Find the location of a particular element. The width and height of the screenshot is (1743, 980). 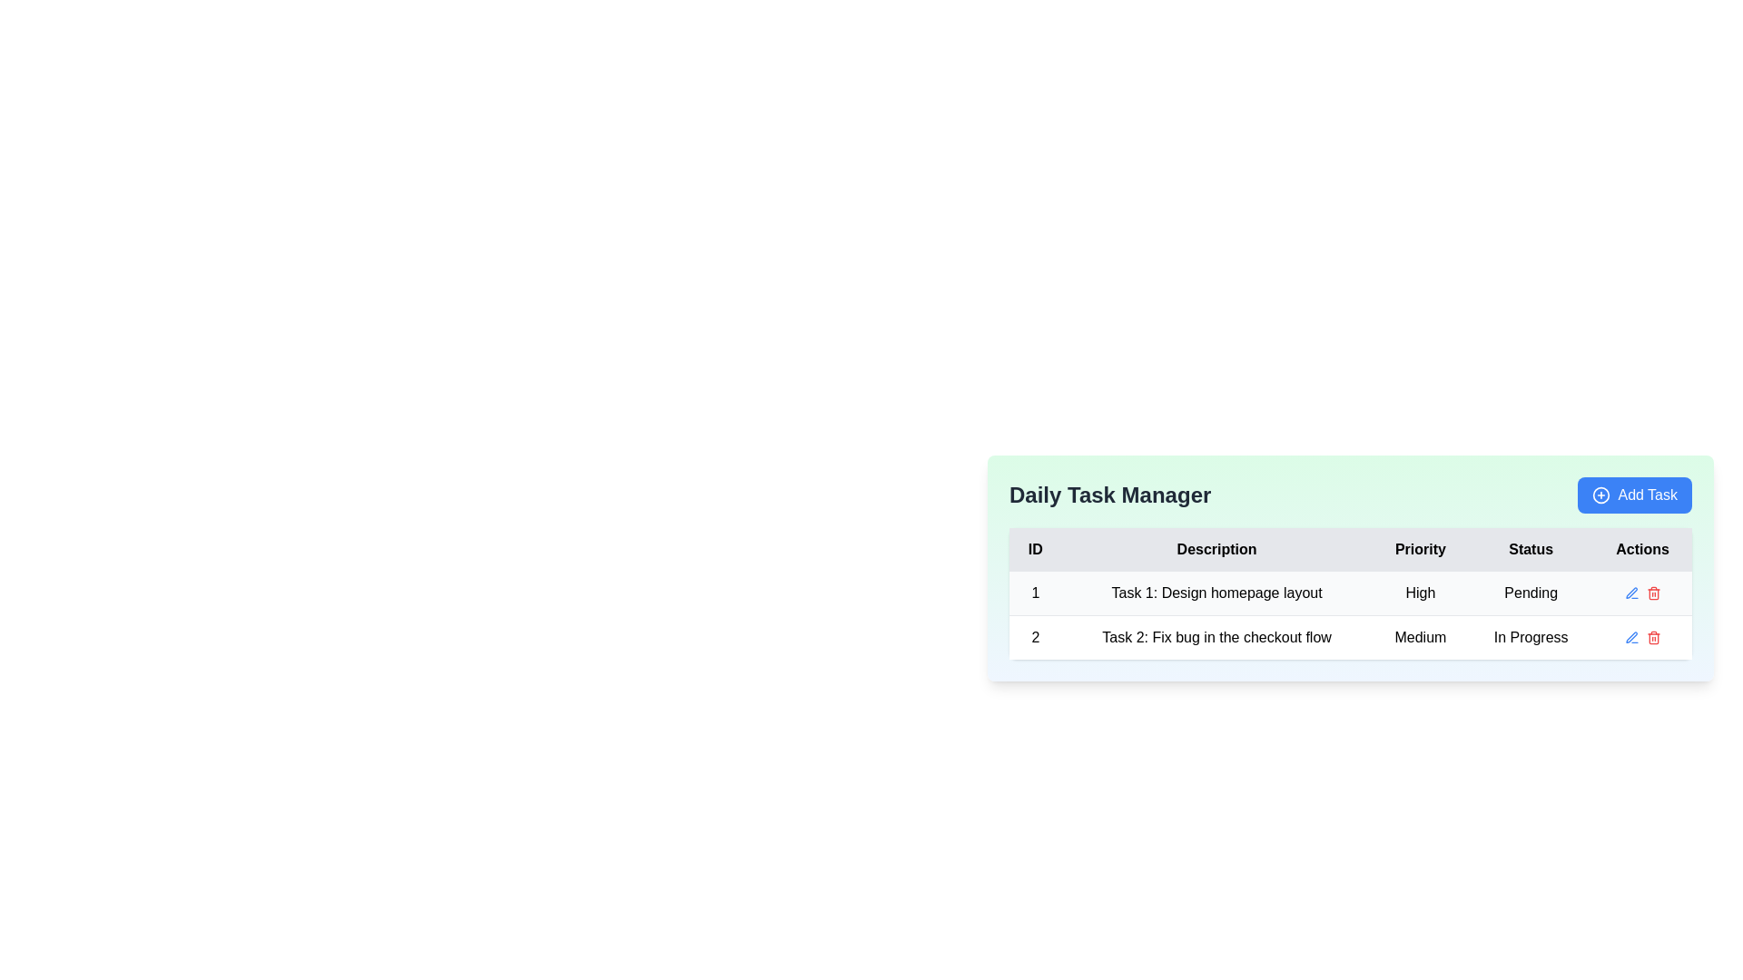

the 'Pending' status text label for 'Task 1: Design homepage layout' is located at coordinates (1530, 593).